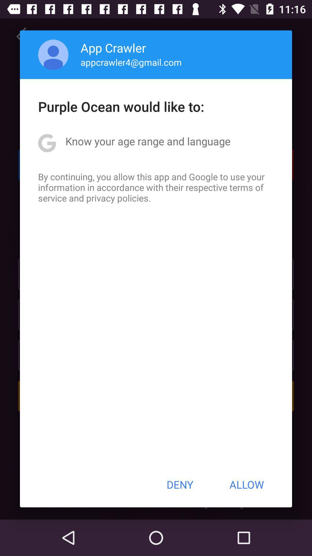 This screenshot has width=312, height=556. Describe the element at coordinates (179, 484) in the screenshot. I see `the deny button` at that location.